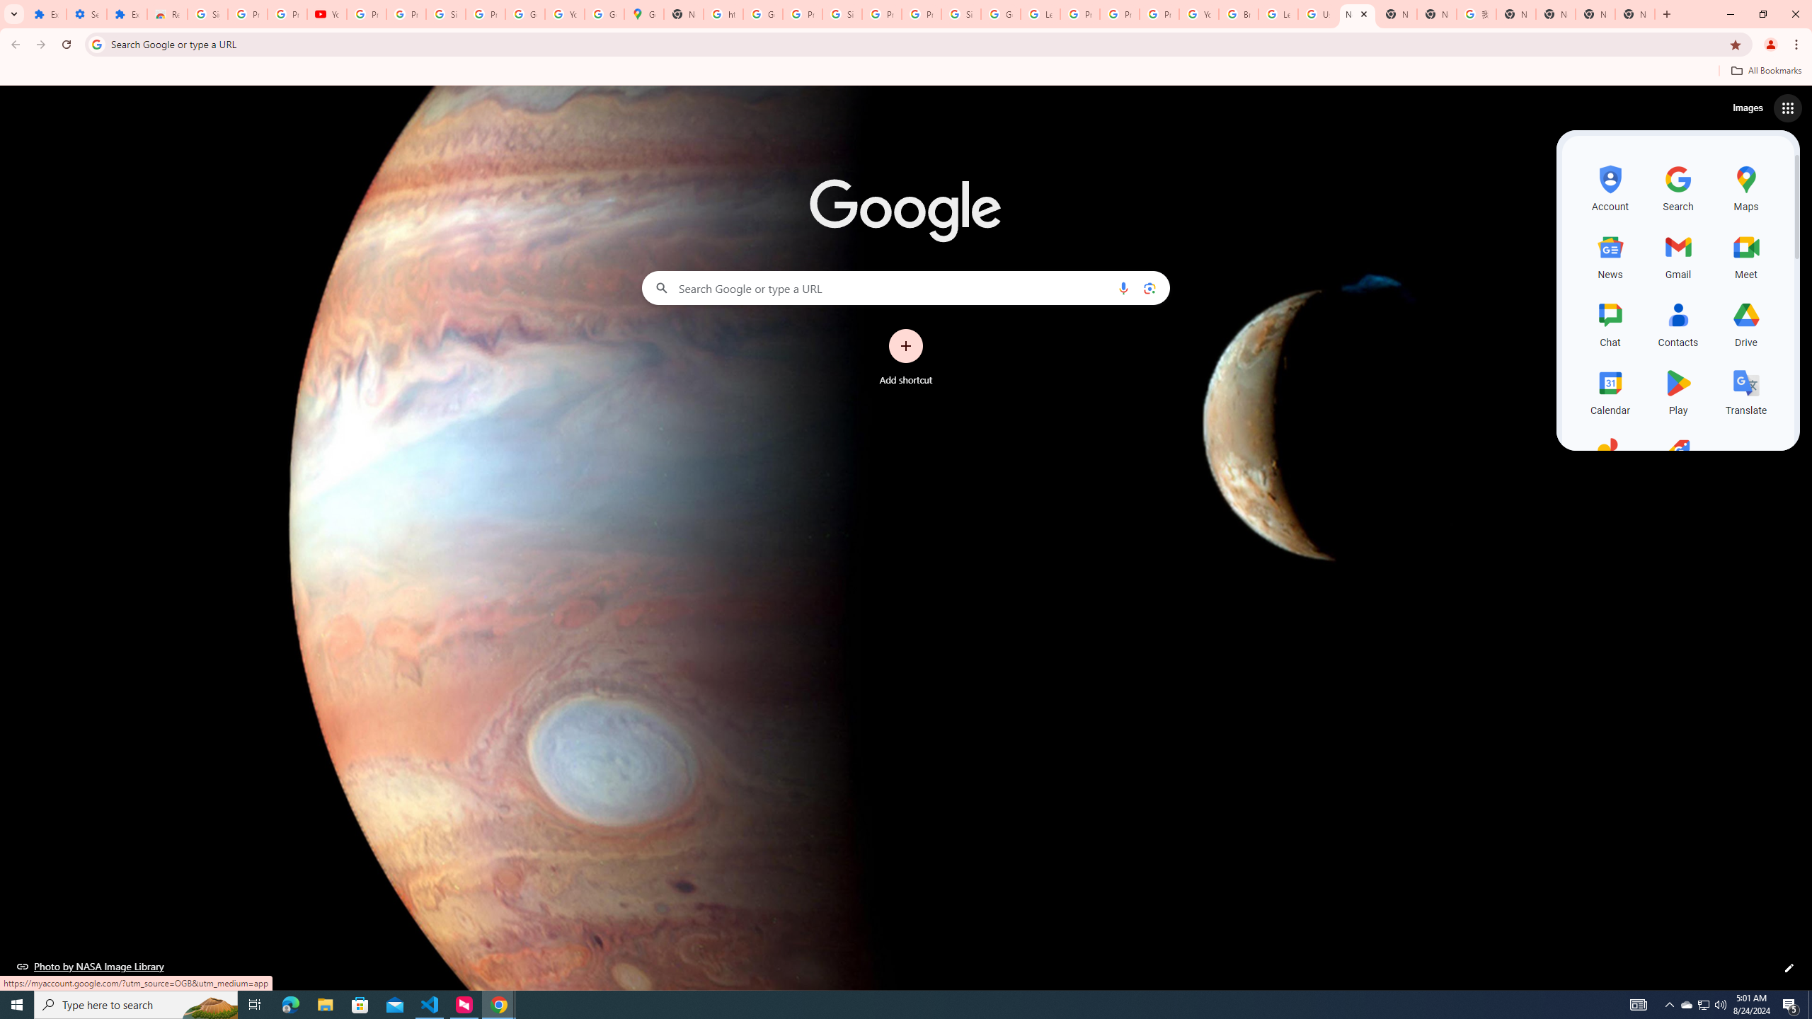 The width and height of the screenshot is (1812, 1019). Describe the element at coordinates (563, 13) in the screenshot. I see `'YouTube'` at that location.